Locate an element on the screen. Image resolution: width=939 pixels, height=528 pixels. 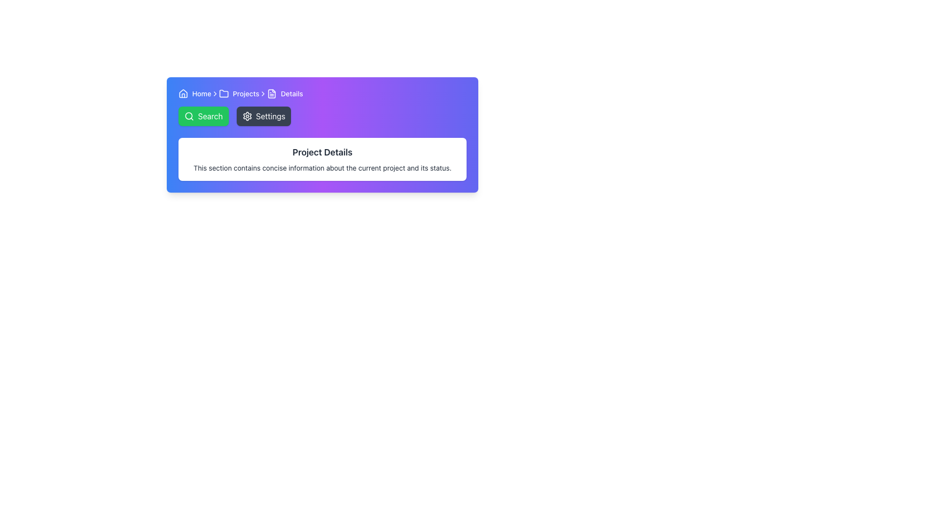
the blue folder icon located in the breadcrumb navigation bar, which appears after the 'Home' segment and before 'Projects > Details' is located at coordinates (223, 93).